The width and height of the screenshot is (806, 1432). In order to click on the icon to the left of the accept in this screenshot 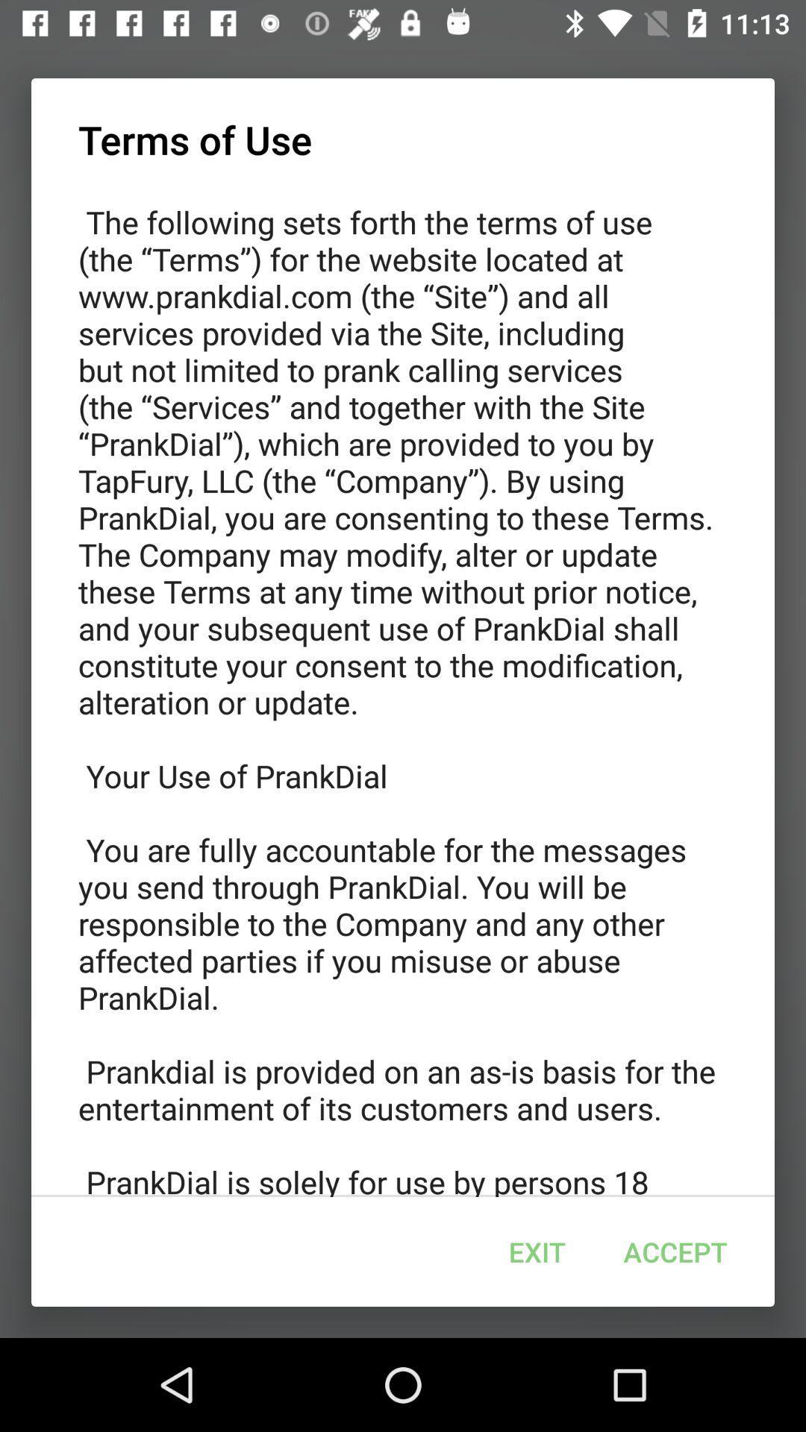, I will do `click(537, 1252)`.